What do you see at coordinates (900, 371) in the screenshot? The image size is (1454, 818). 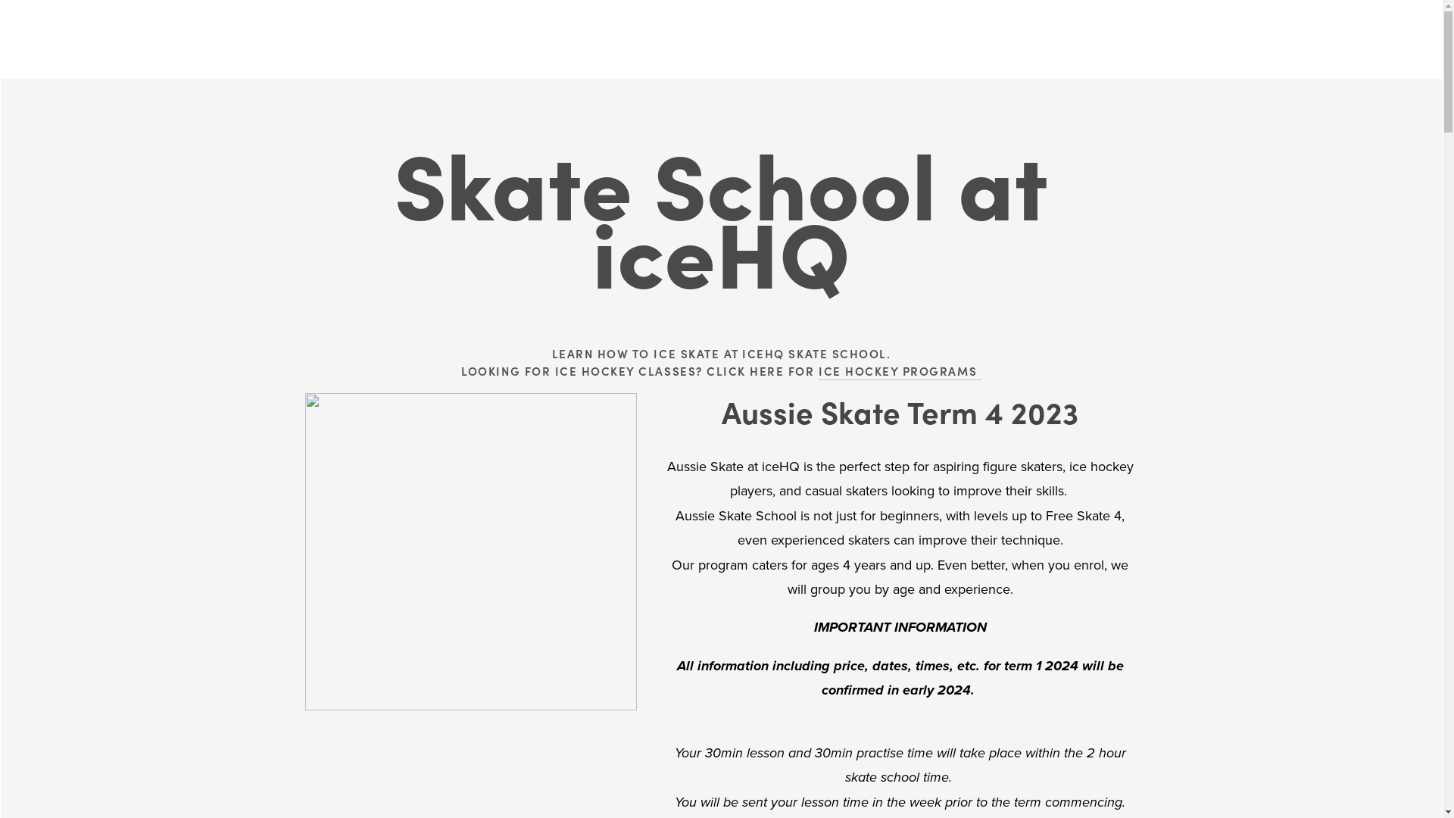 I see `'ICE HOCKEY PROGRAMS '` at bounding box center [900, 371].